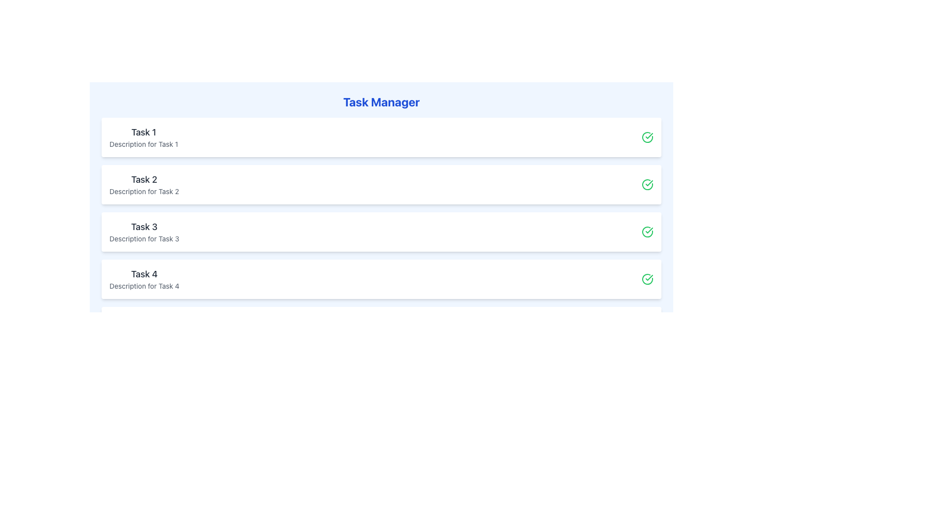  What do you see at coordinates (649, 277) in the screenshot?
I see `the success icon located within the green circular area to the right of the 'Task 4' text block` at bounding box center [649, 277].